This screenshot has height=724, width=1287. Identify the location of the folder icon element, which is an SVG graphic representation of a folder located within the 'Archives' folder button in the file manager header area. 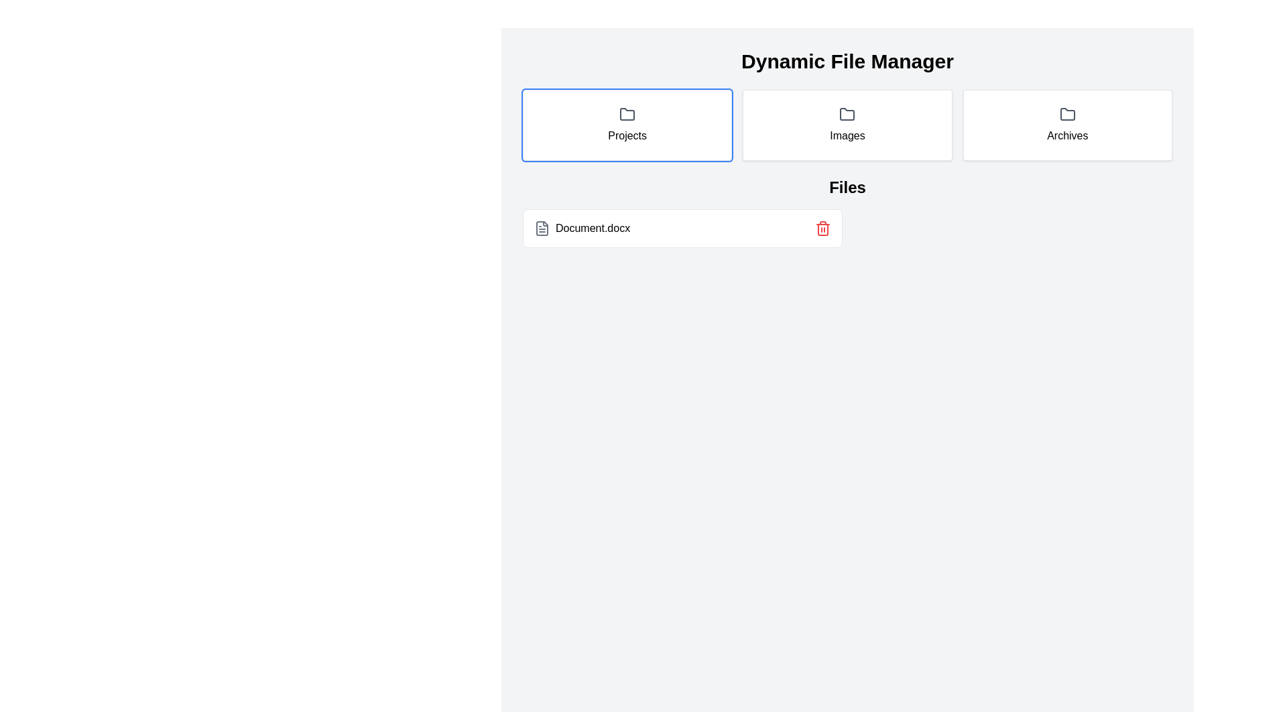
(1066, 113).